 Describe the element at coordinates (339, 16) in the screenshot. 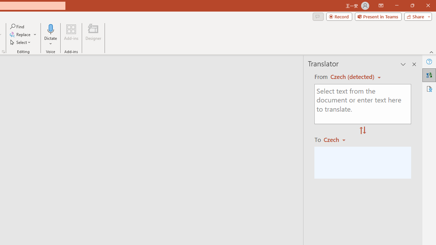

I see `'Record'` at that location.